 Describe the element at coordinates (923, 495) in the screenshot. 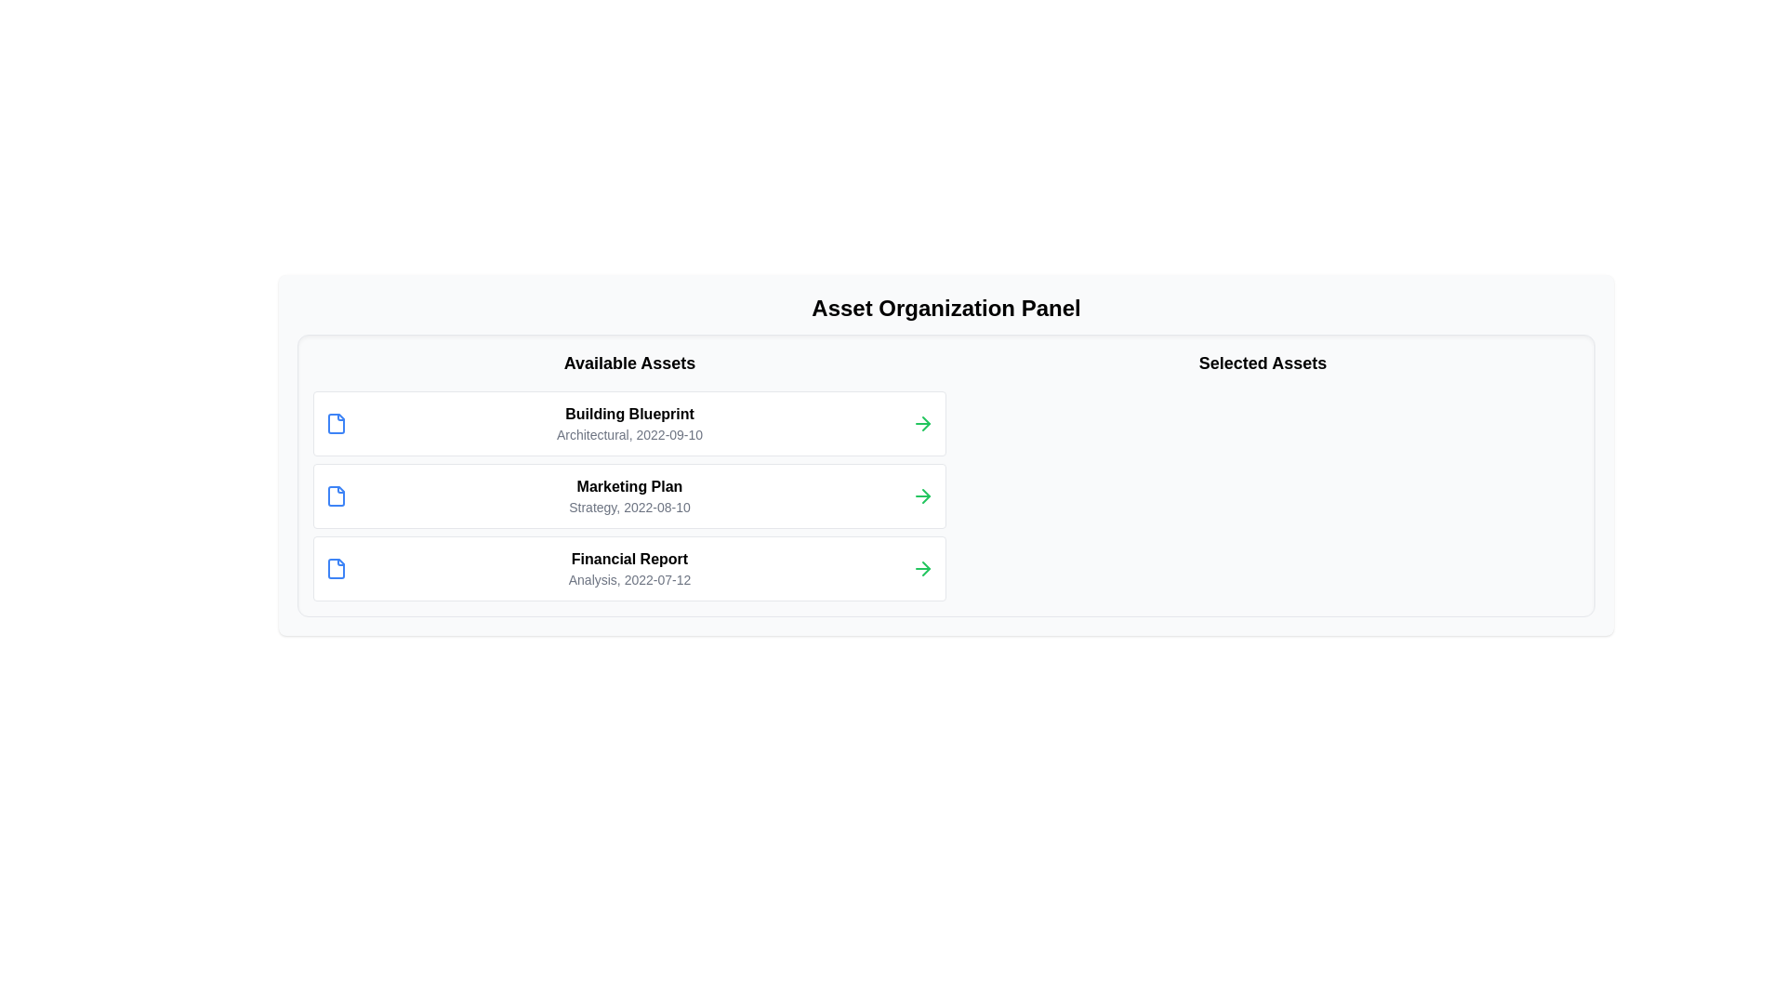

I see `the green arrow icon pointing to the right located at the end of the 'Marketing Plan' row in the 'Available Assets' section` at that location.